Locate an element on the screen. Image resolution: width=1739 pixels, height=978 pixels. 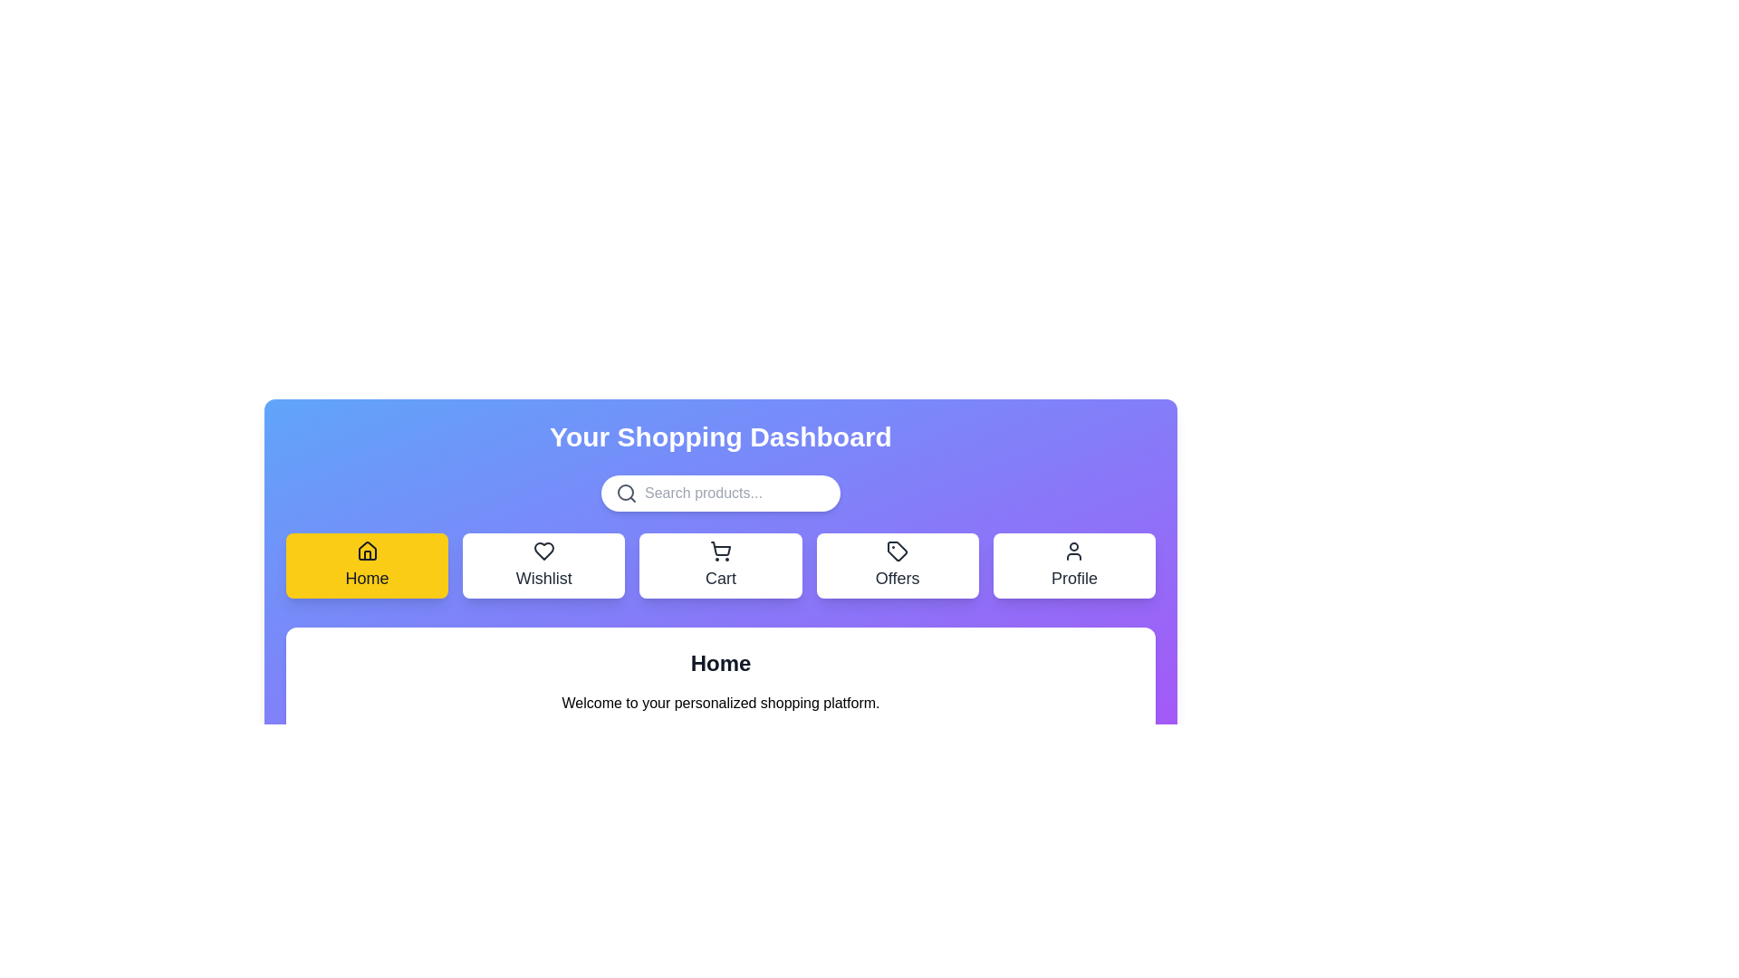
the heart icon that represents the Wishlist feature, located centrally within the second button of the horizontal navigation menu is located at coordinates (543, 551).